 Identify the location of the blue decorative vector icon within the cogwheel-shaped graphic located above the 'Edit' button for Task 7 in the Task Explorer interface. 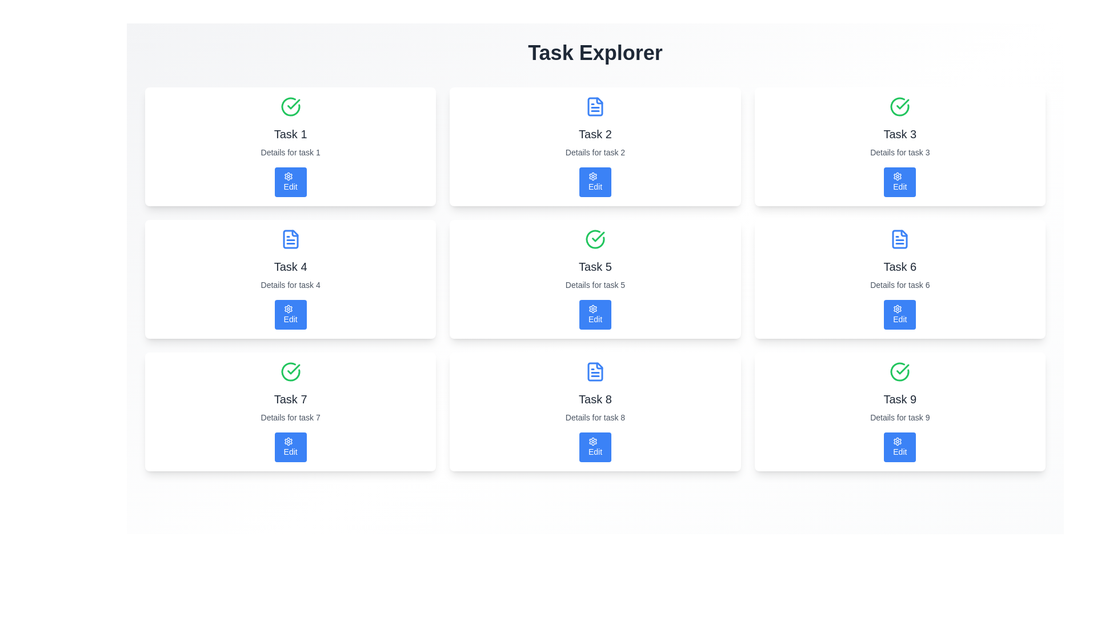
(288, 440).